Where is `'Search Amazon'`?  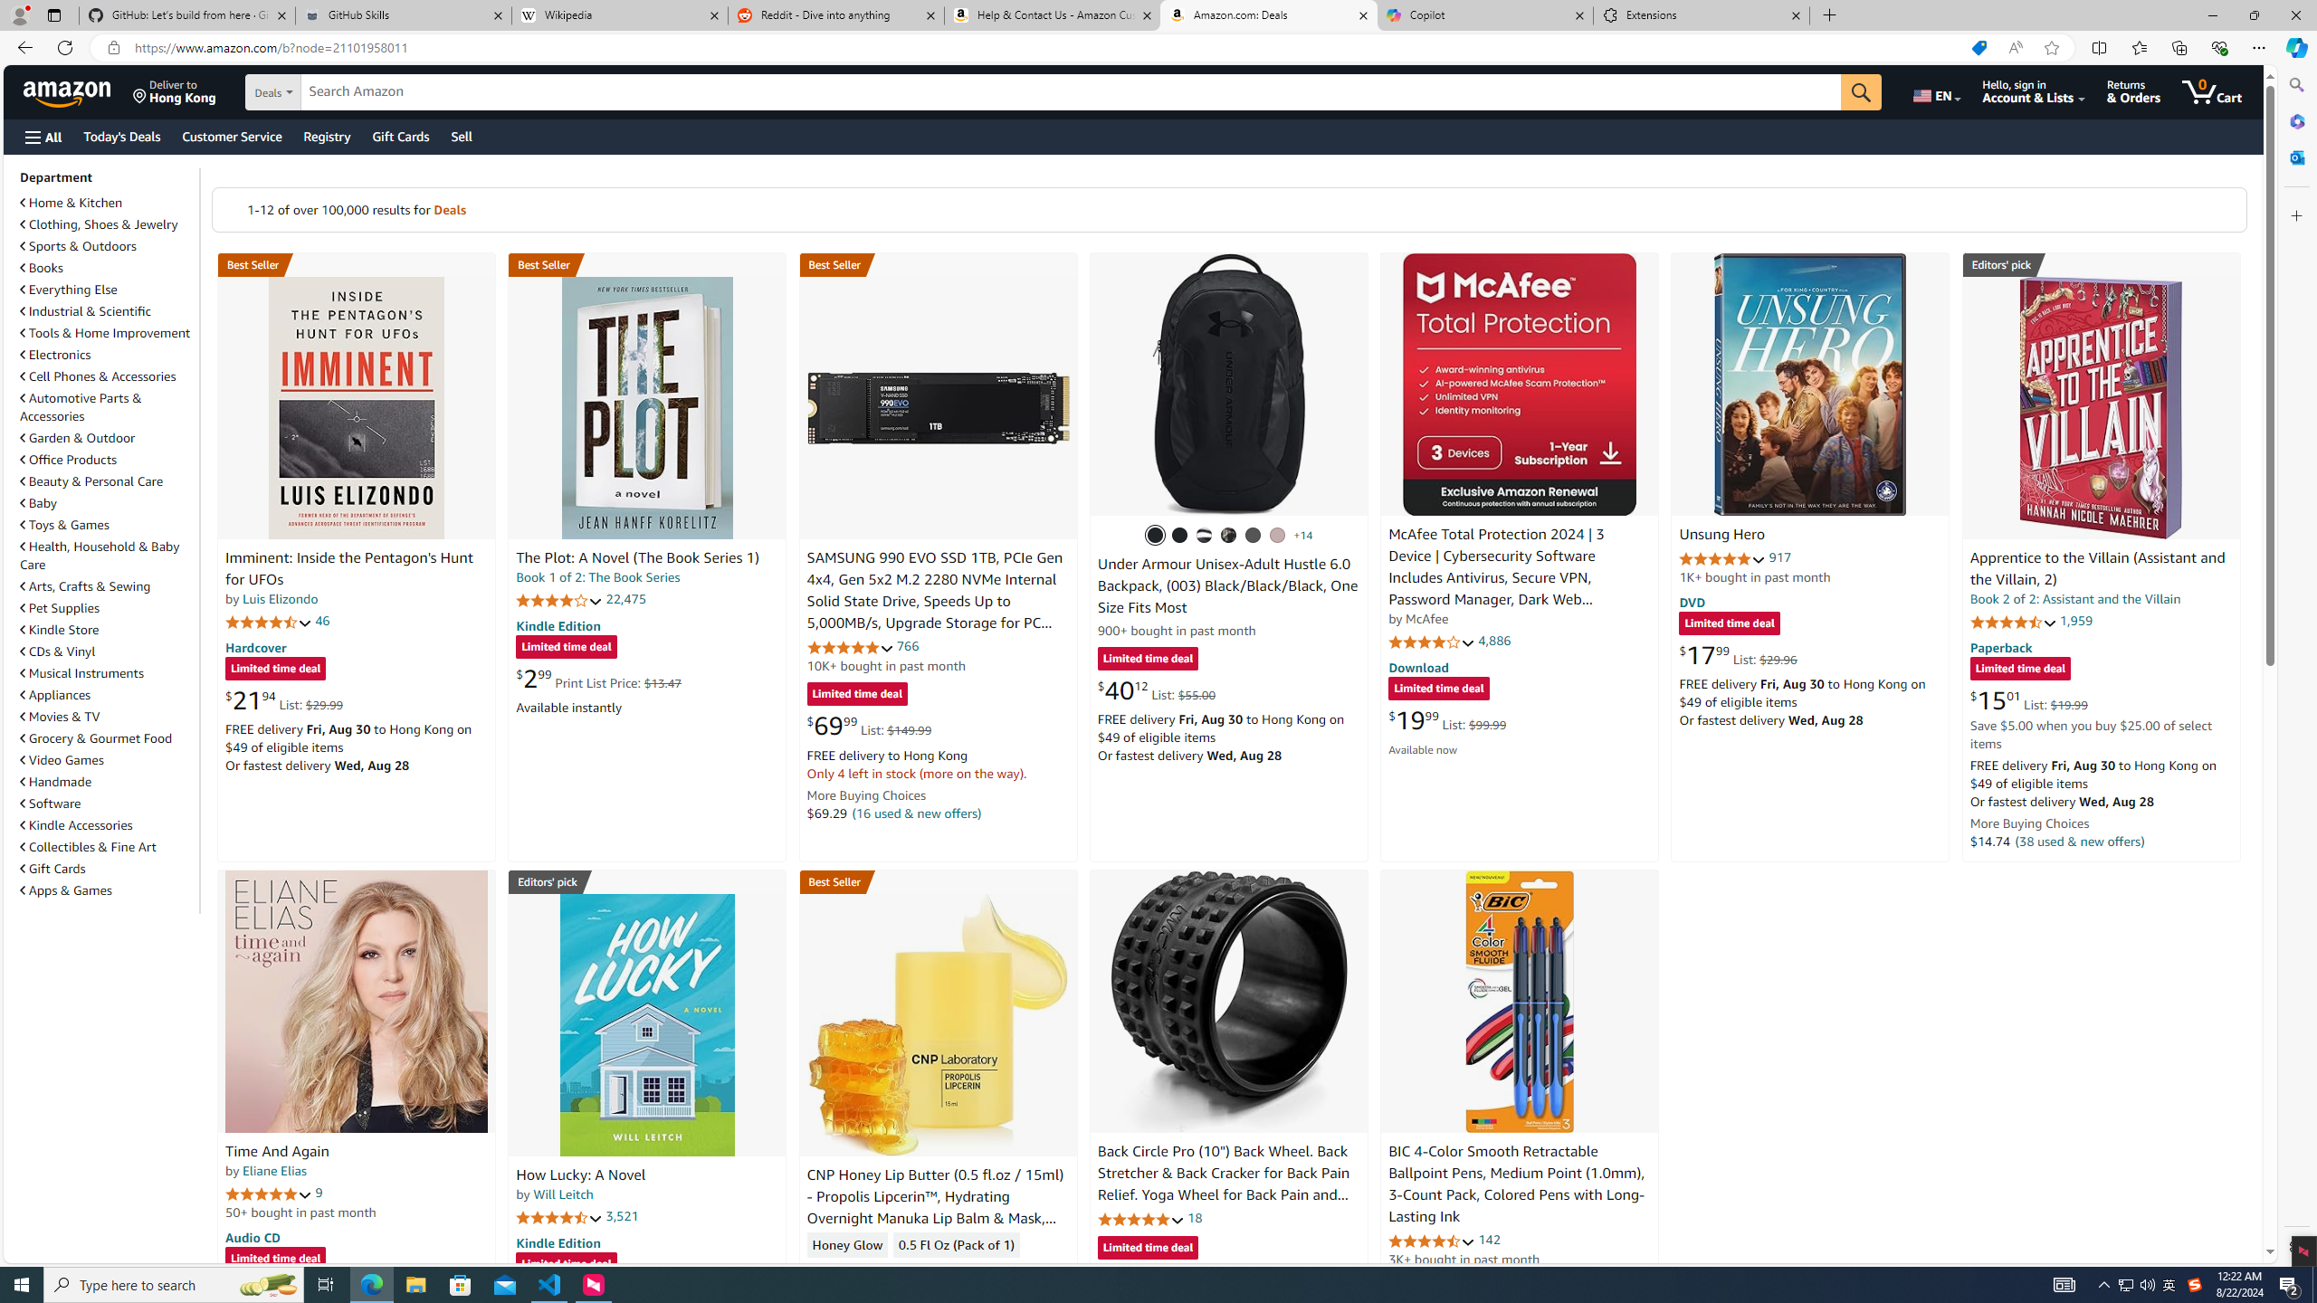 'Search Amazon' is located at coordinates (1071, 92).